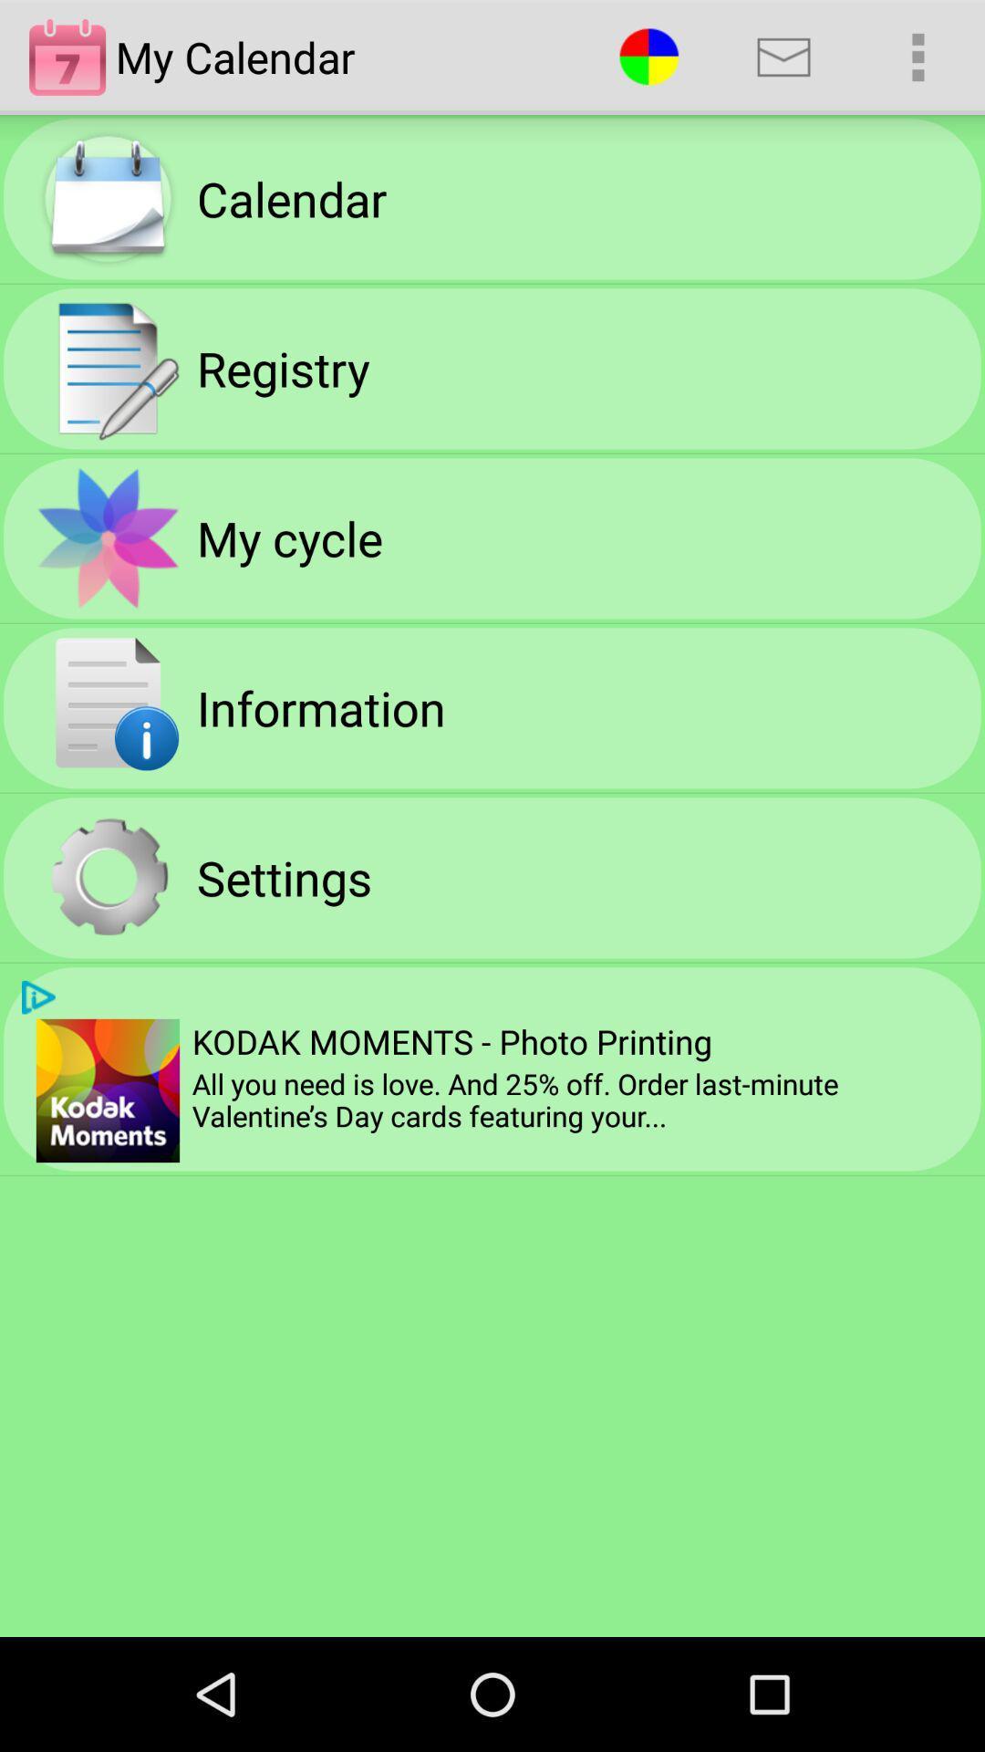  What do you see at coordinates (582, 1099) in the screenshot?
I see `app below kodak moments photo` at bounding box center [582, 1099].